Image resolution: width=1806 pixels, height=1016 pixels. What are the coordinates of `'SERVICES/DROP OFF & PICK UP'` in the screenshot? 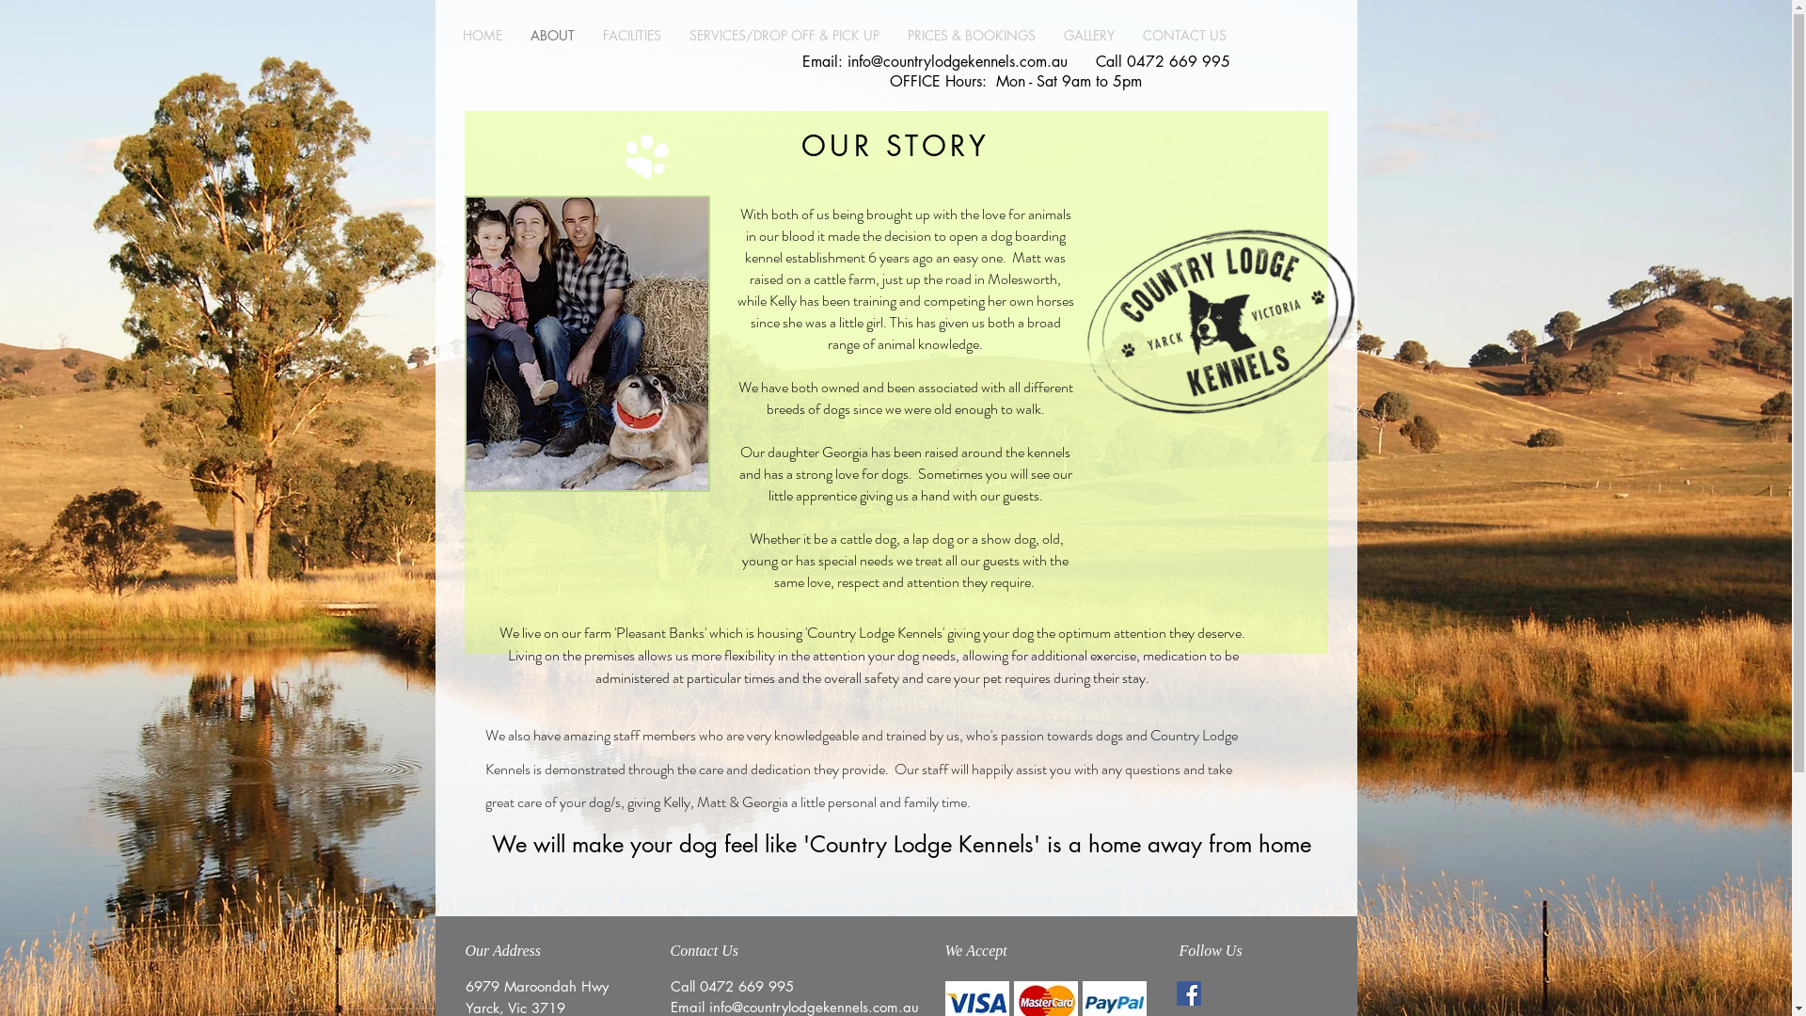 It's located at (675, 36).